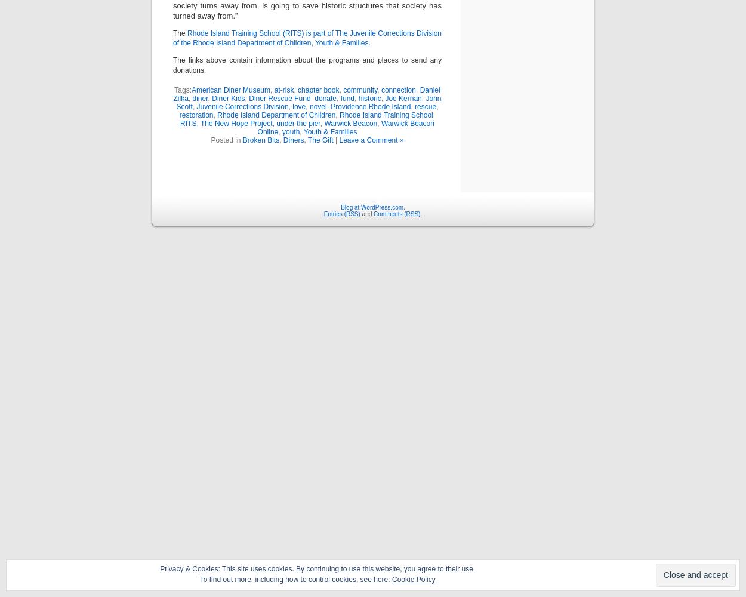  I want to click on 'chapter book', so click(318, 90).